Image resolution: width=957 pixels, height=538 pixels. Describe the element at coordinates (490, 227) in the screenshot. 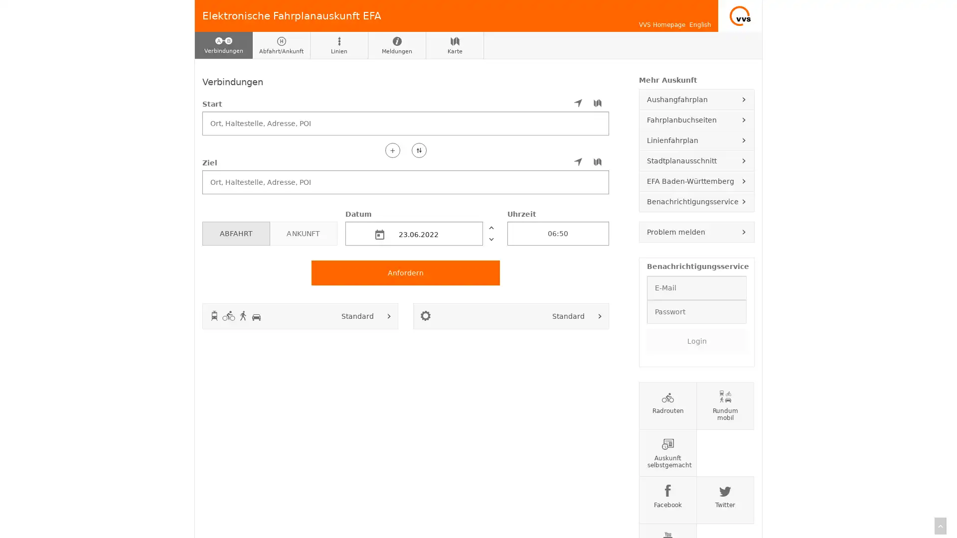

I see `vorher` at that location.